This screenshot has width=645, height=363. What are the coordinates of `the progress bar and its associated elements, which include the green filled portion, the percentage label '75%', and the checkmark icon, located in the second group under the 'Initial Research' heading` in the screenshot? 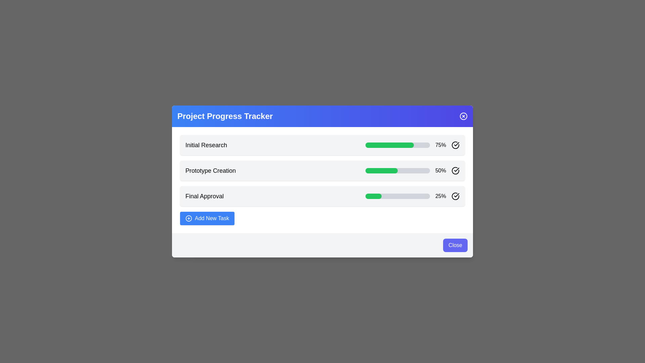 It's located at (412, 145).